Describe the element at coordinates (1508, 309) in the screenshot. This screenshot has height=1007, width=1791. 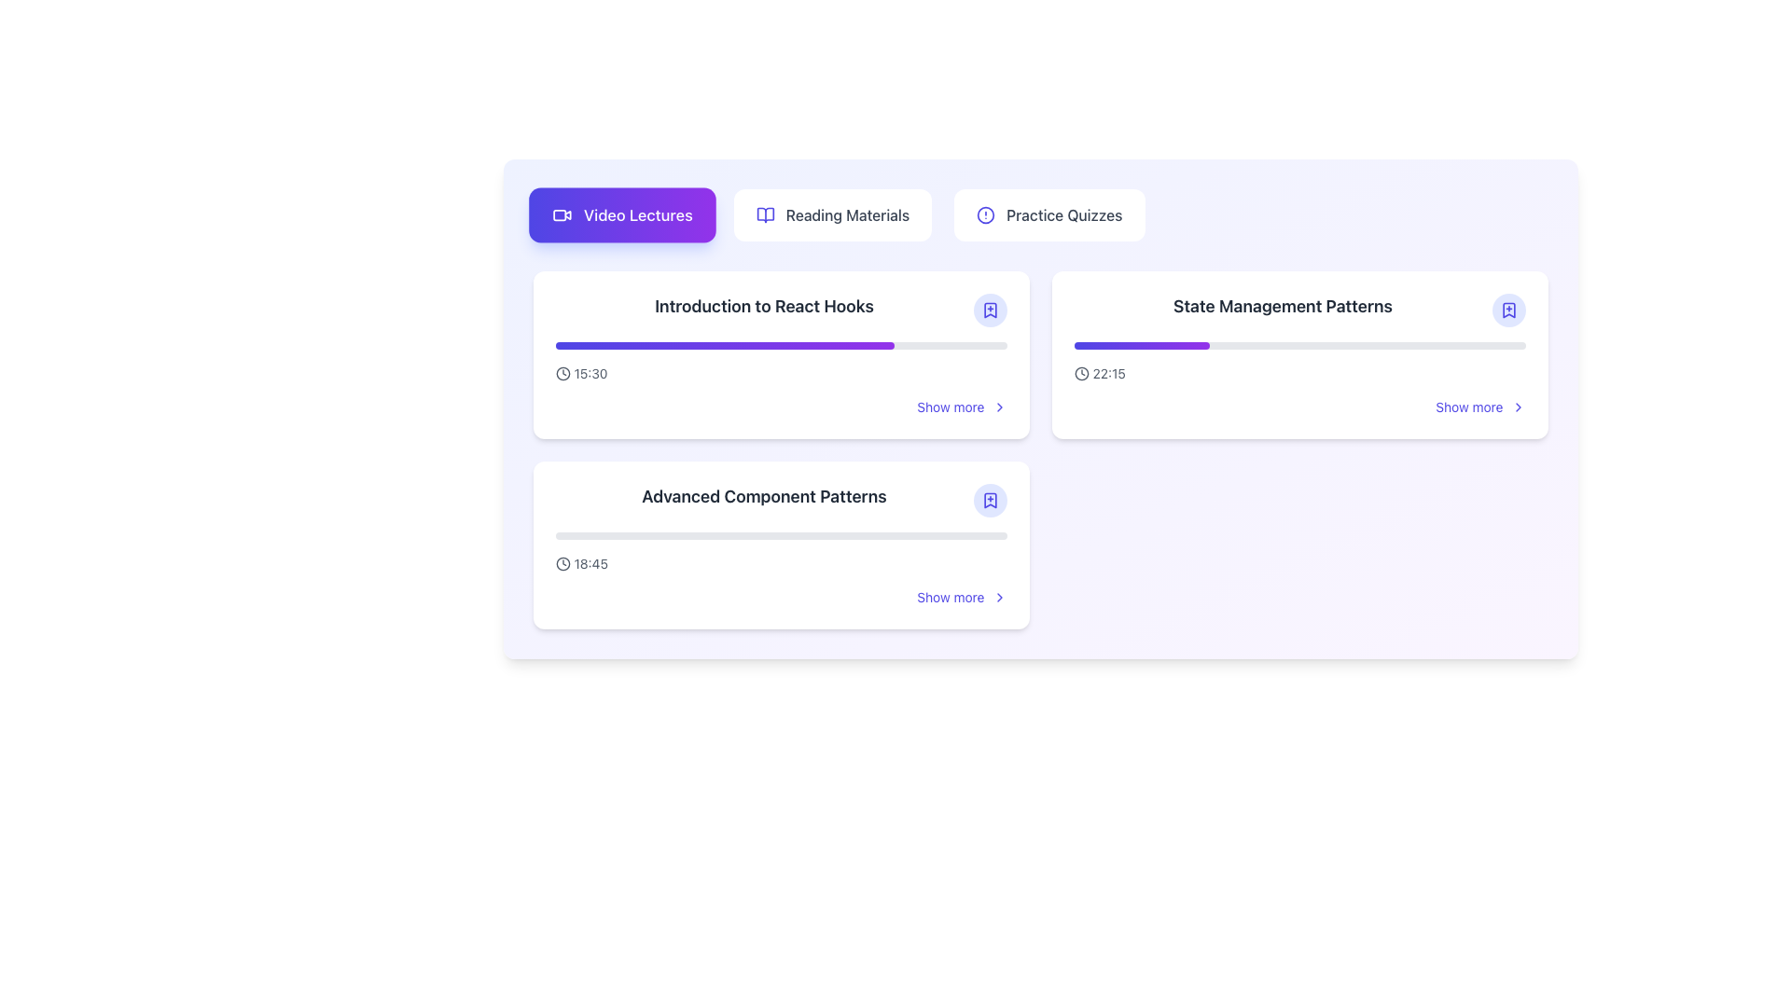
I see `the bookmark icon located in the top-right section of the State Management Patterns card, which allows for saving or marking items for future reference` at that location.